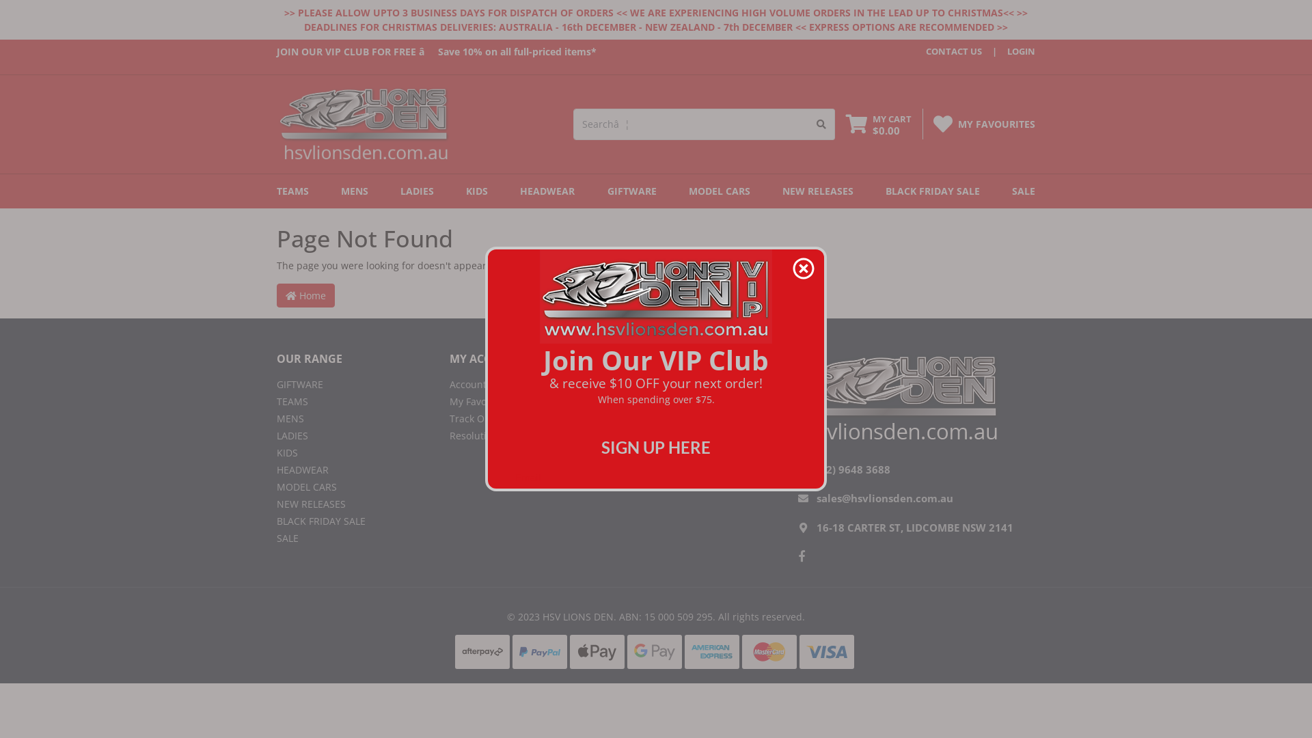 Image resolution: width=1312 pixels, height=738 pixels. What do you see at coordinates (275, 191) in the screenshot?
I see `'TEAMS'` at bounding box center [275, 191].